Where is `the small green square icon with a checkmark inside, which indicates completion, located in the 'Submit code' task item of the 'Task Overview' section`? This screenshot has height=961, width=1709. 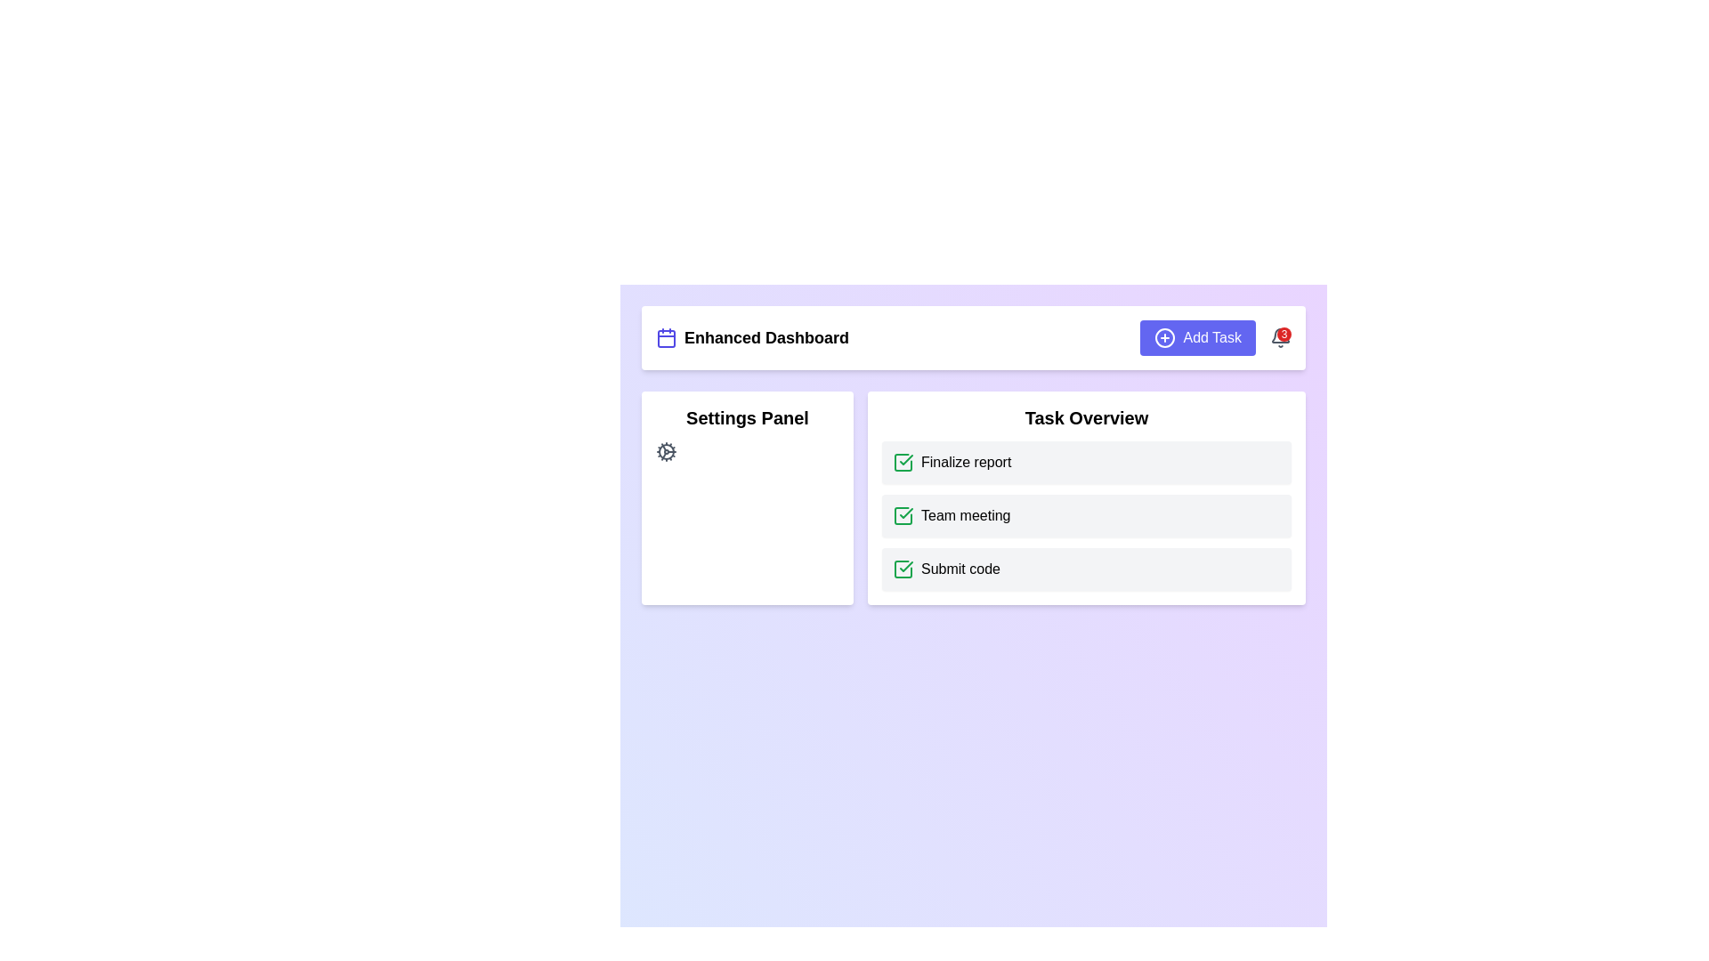 the small green square icon with a checkmark inside, which indicates completion, located in the 'Submit code' task item of the 'Task Overview' section is located at coordinates (903, 569).